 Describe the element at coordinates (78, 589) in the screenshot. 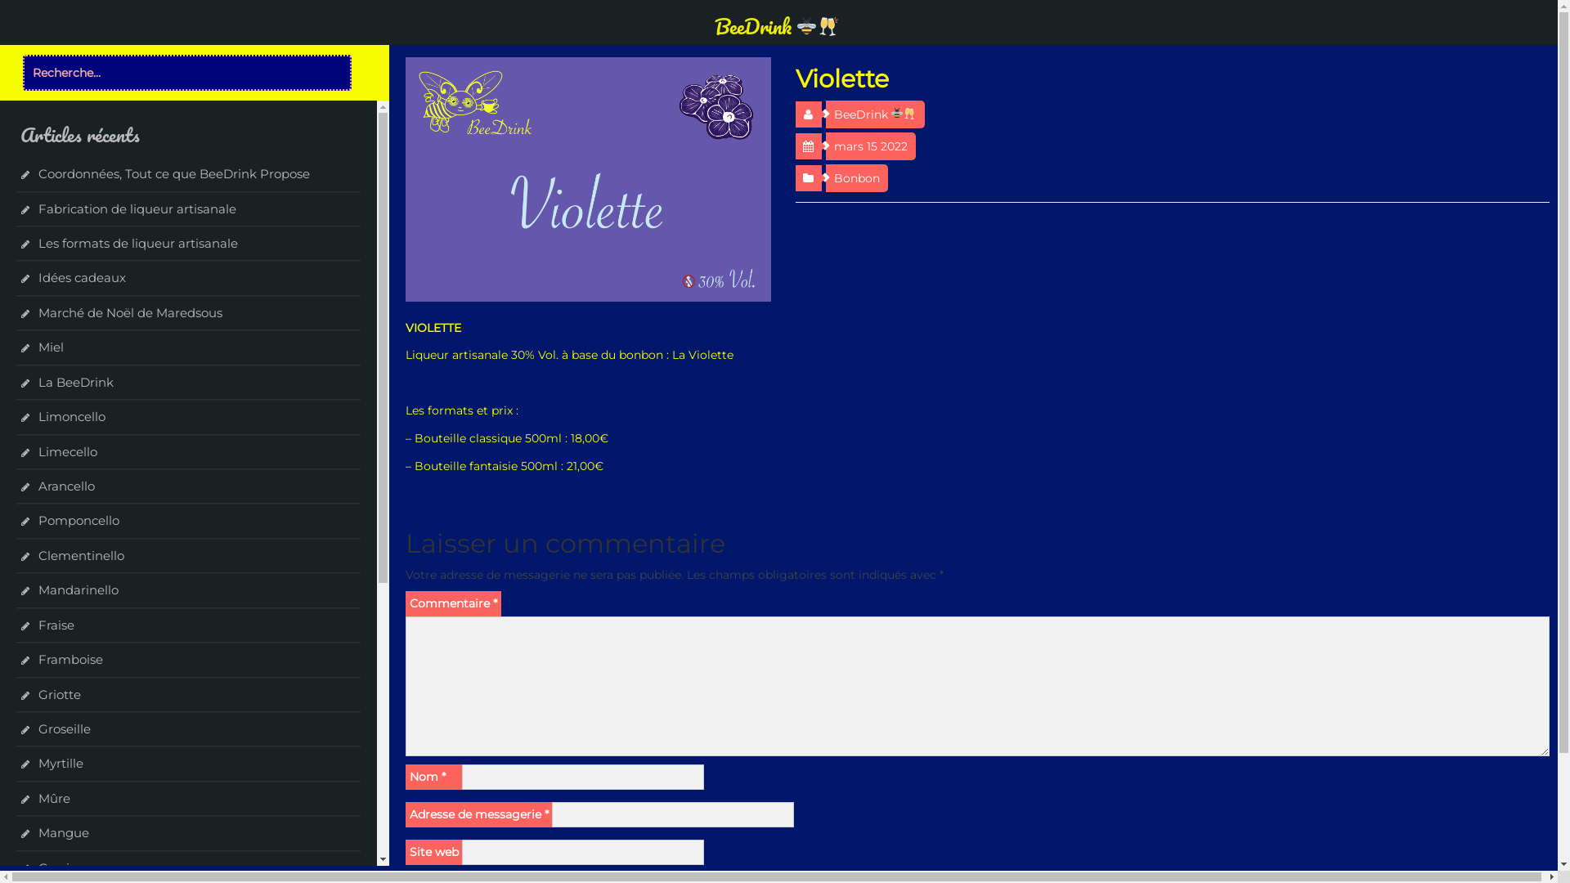

I see `'Mandarinello'` at that location.